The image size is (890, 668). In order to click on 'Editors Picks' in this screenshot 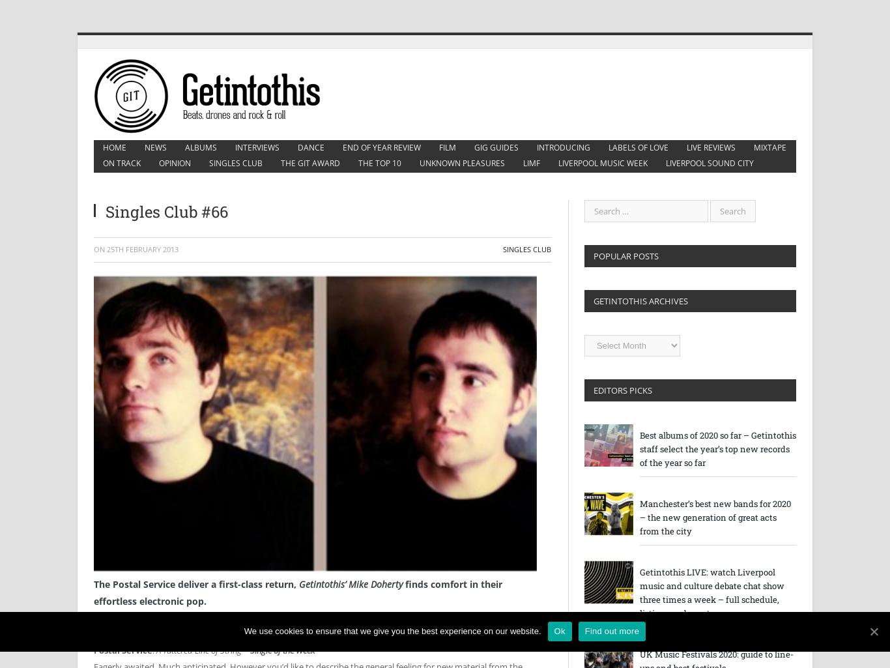, I will do `click(592, 390)`.